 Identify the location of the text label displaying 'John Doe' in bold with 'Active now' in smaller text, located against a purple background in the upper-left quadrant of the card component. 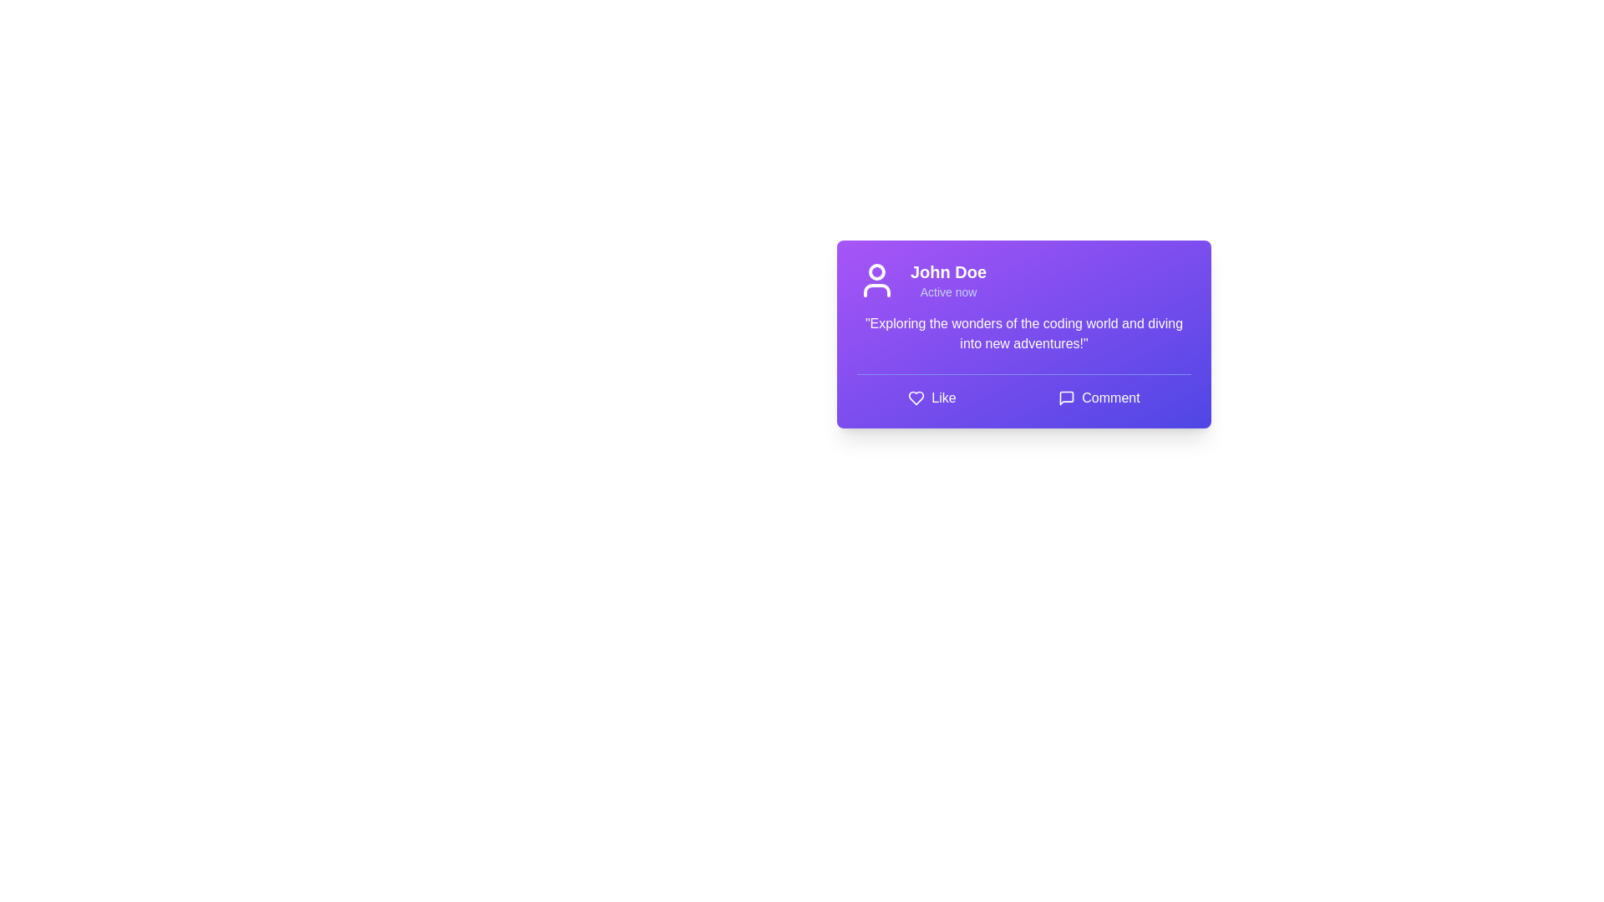
(948, 279).